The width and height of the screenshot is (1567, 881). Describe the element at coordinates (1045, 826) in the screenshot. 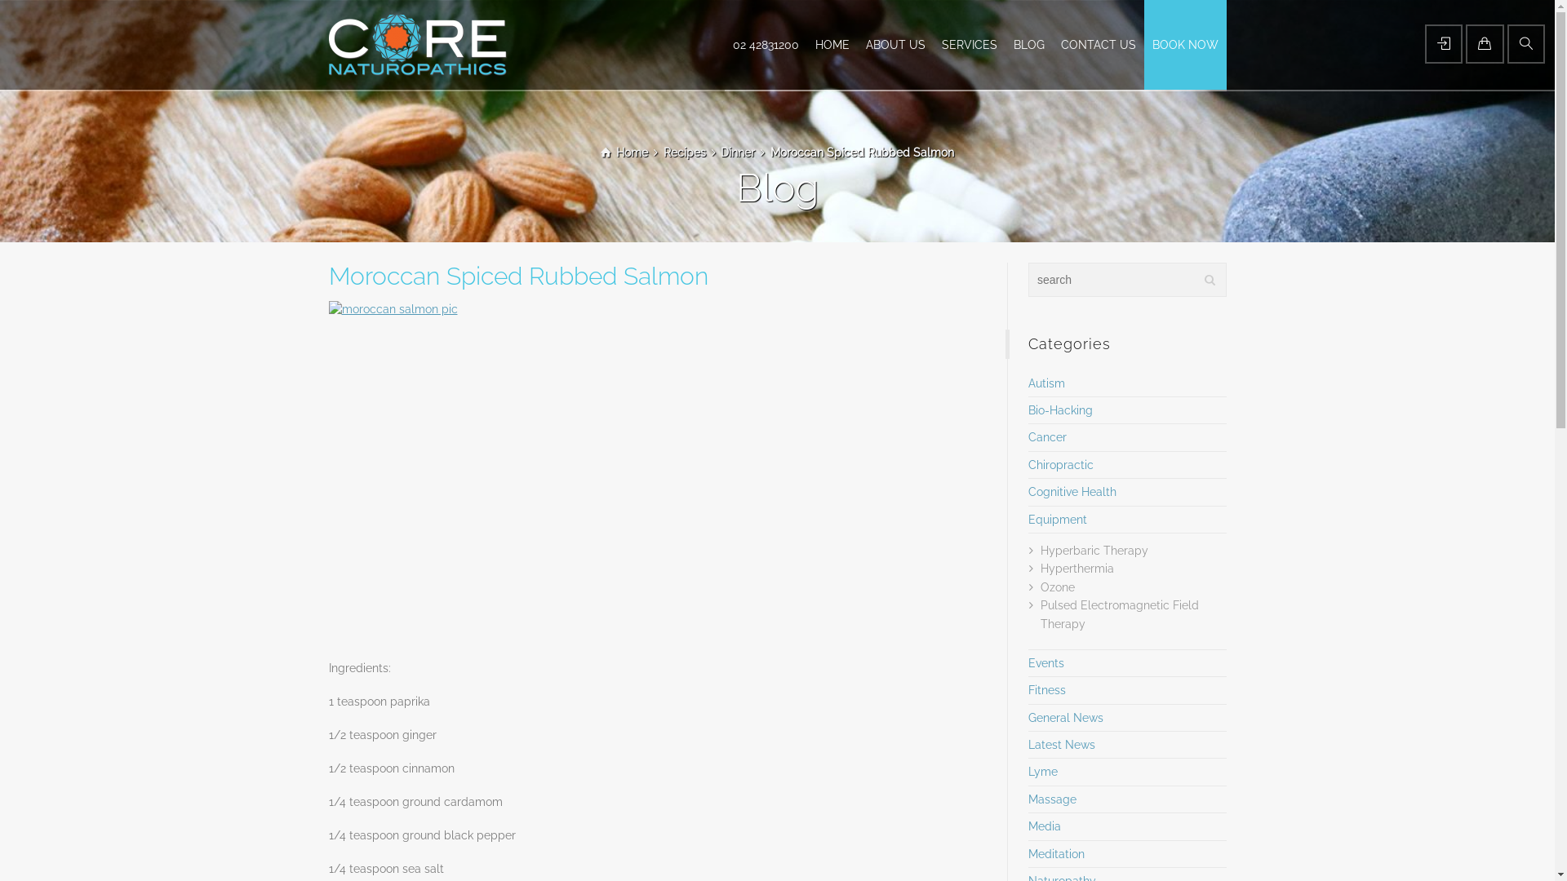

I see `'Media'` at that location.